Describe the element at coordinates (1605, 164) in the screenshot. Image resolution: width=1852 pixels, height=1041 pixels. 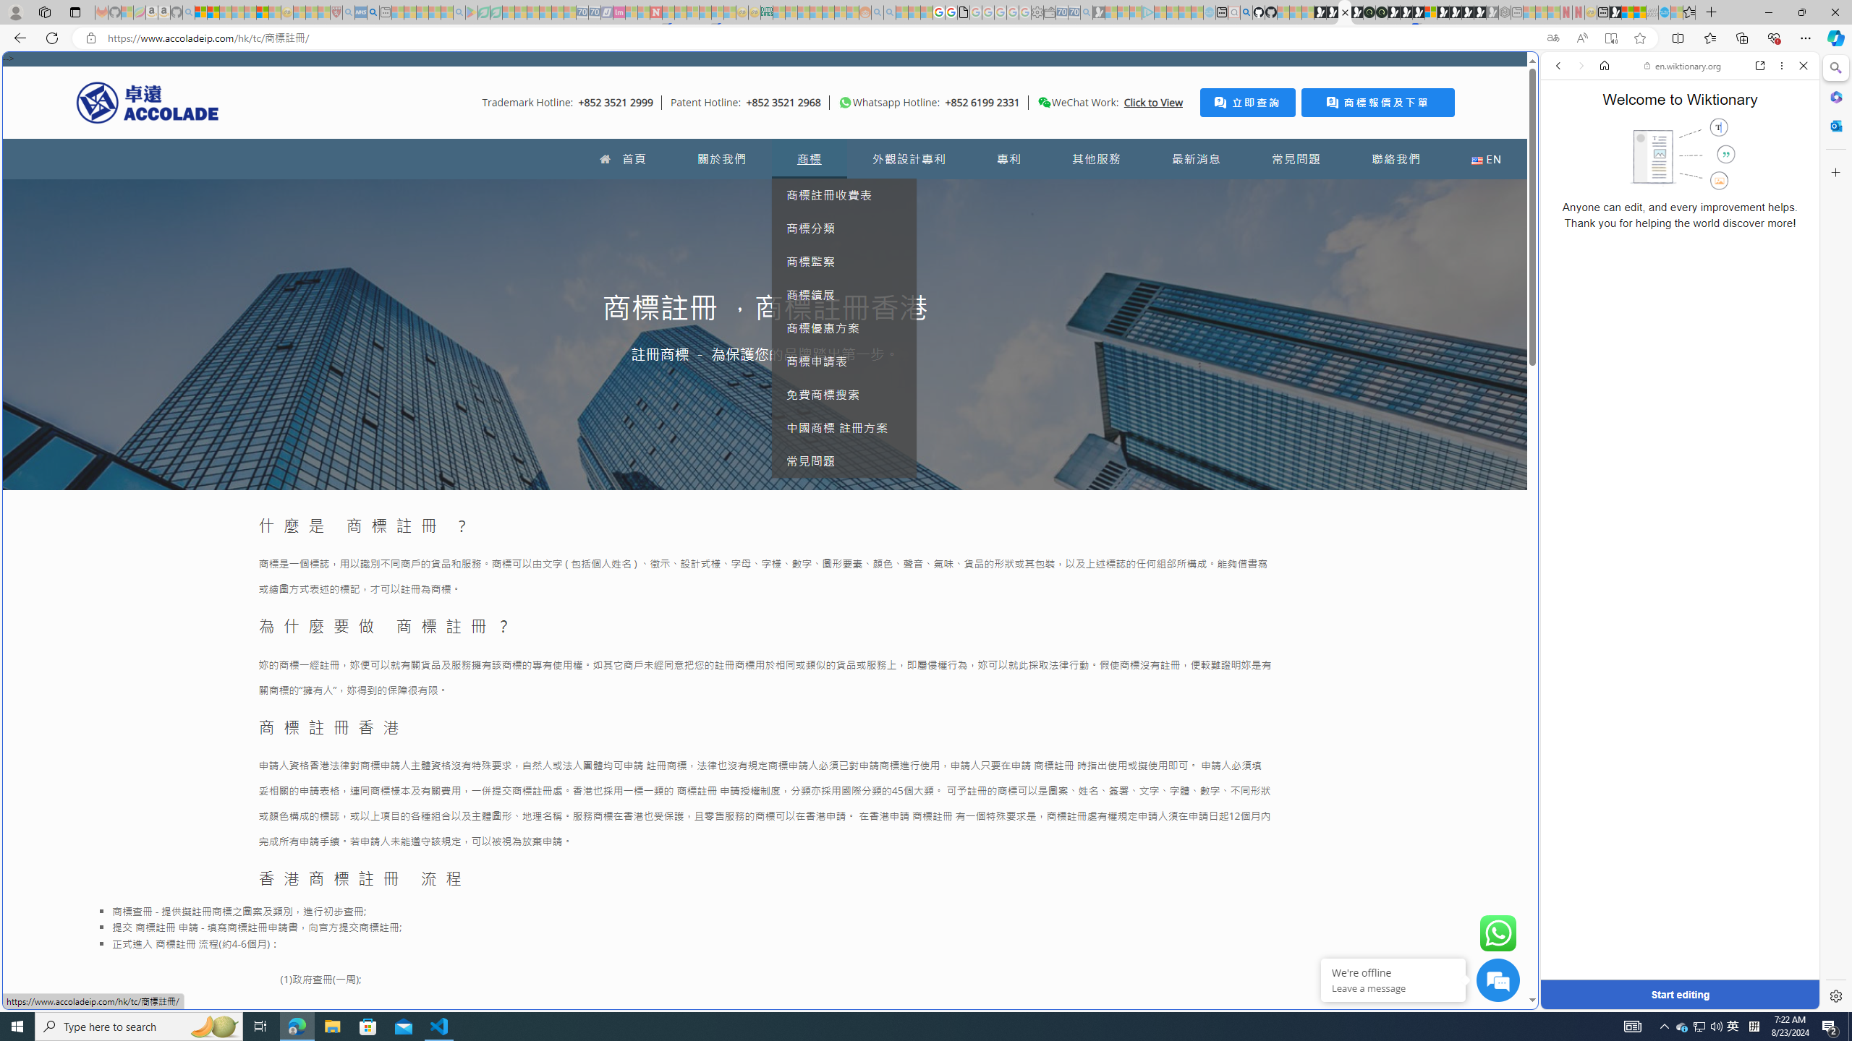
I see `'Search Filter, IMAGES'` at that location.